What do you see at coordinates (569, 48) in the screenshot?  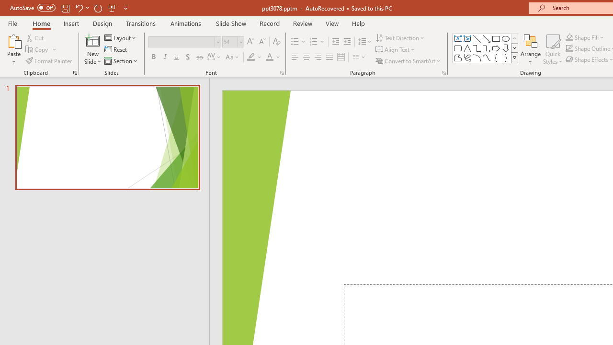 I see `'Shape Outline Green, Accent 1'` at bounding box center [569, 48].